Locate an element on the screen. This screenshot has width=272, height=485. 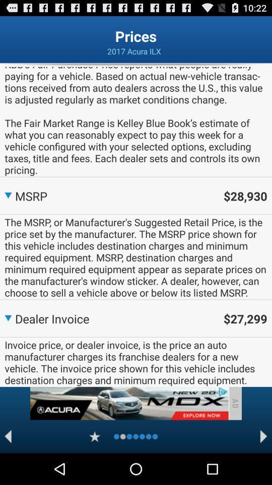
forward is located at coordinates (263, 436).